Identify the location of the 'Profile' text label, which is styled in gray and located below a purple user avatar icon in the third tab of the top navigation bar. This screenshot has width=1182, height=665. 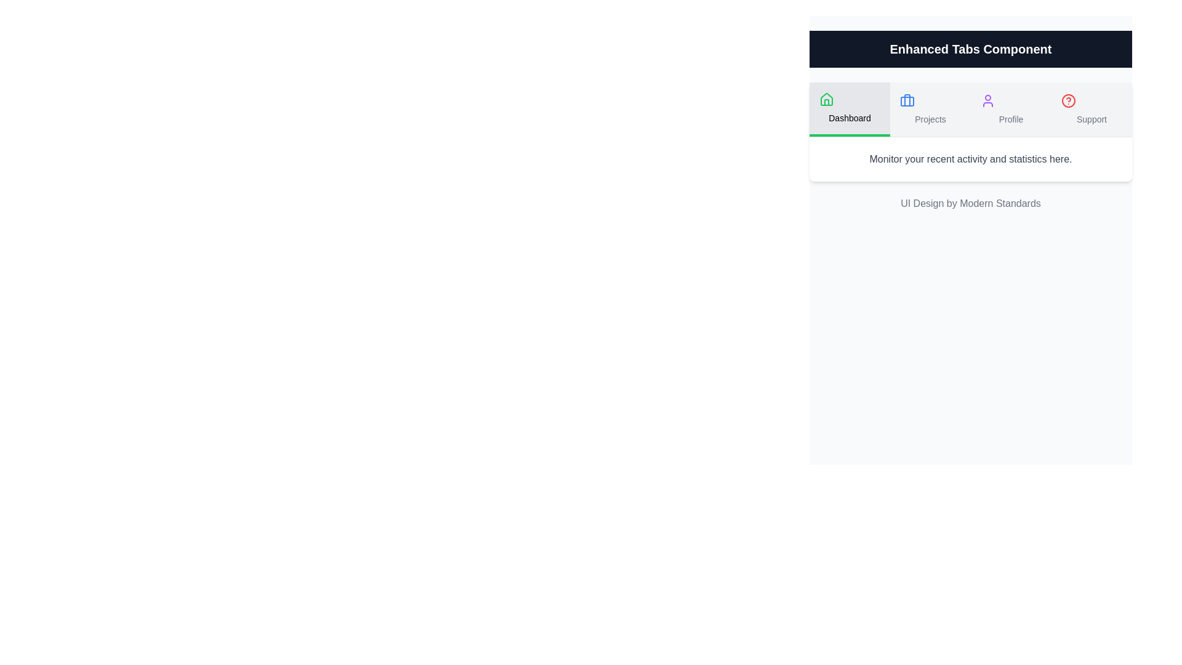
(1011, 119).